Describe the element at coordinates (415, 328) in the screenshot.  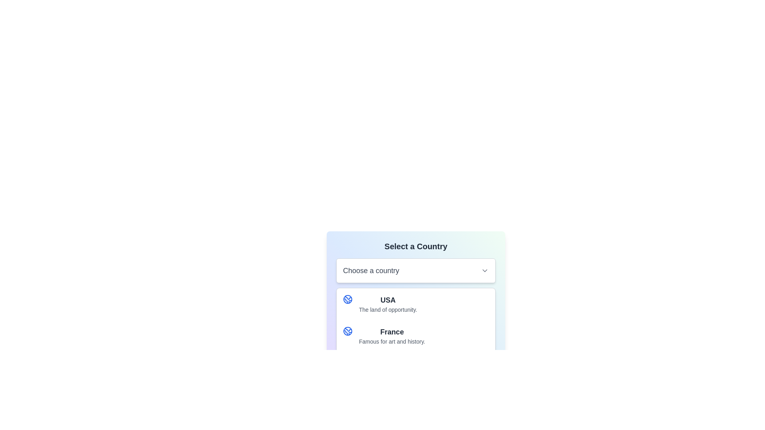
I see `the dropdown list item labeled 'France'` at that location.